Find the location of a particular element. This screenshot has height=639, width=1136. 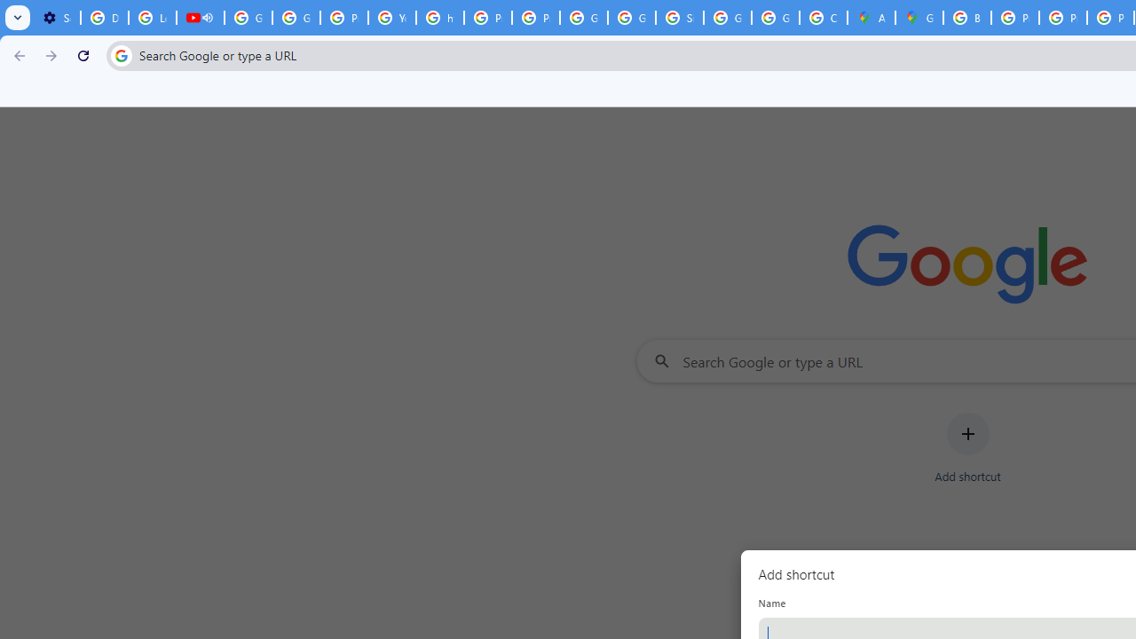

'Create your Google Account' is located at coordinates (823, 18).